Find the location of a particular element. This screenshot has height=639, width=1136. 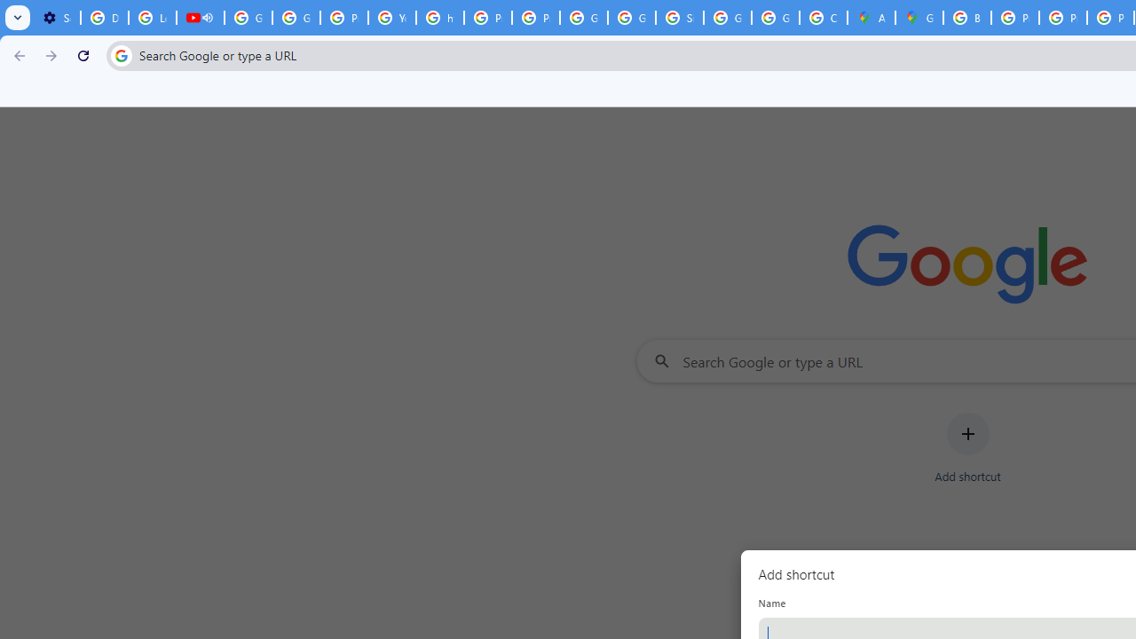

'Create your Google Account' is located at coordinates (823, 18).